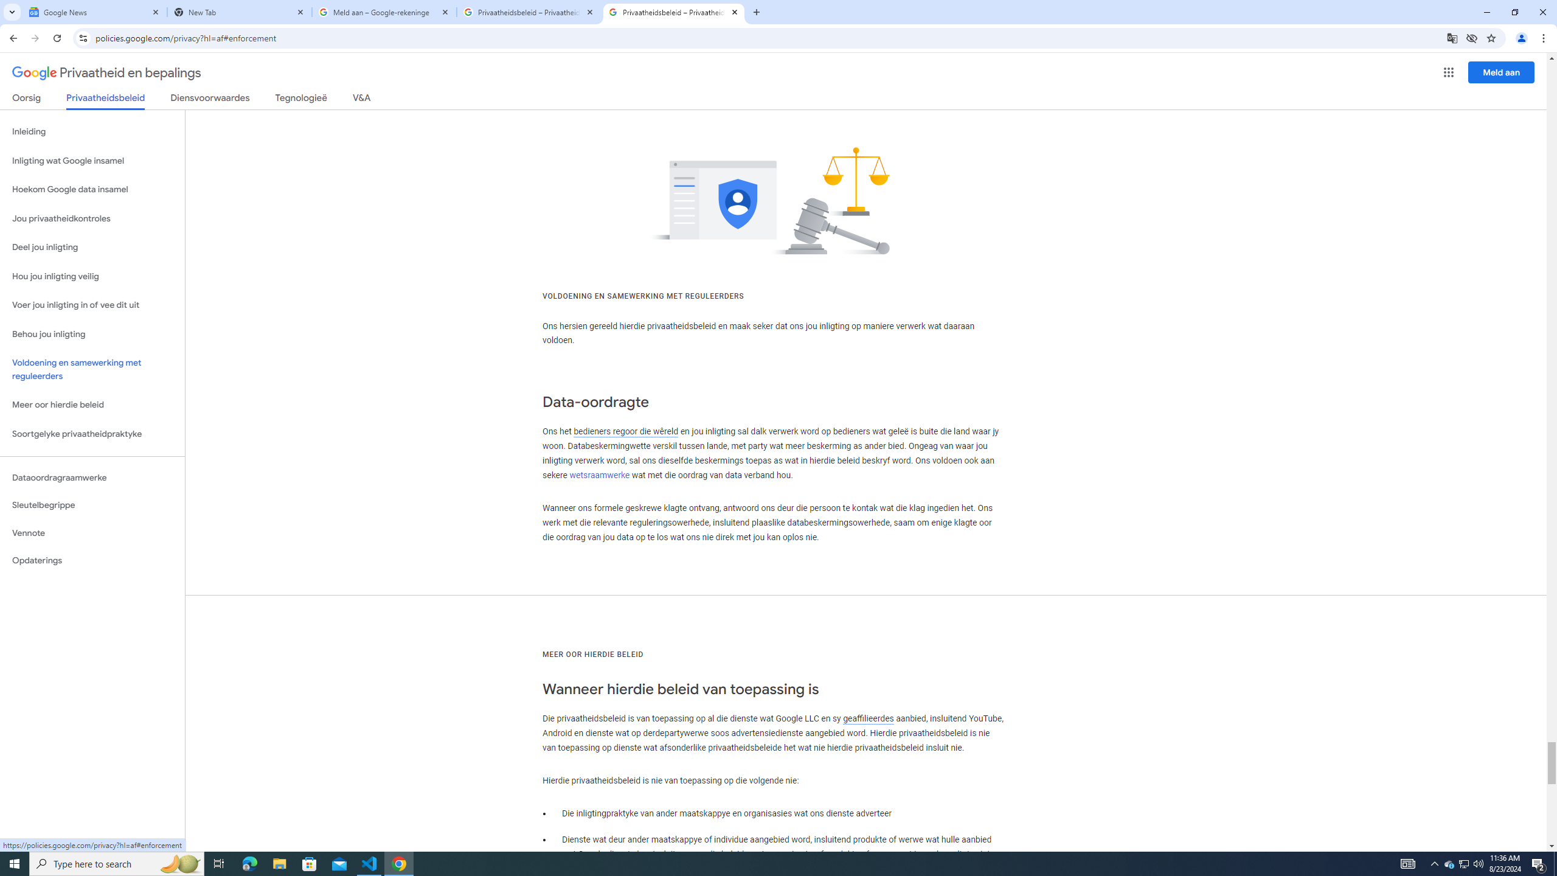  Describe the element at coordinates (92, 305) in the screenshot. I see `'Voer jou inligting in of vee dit uit'` at that location.